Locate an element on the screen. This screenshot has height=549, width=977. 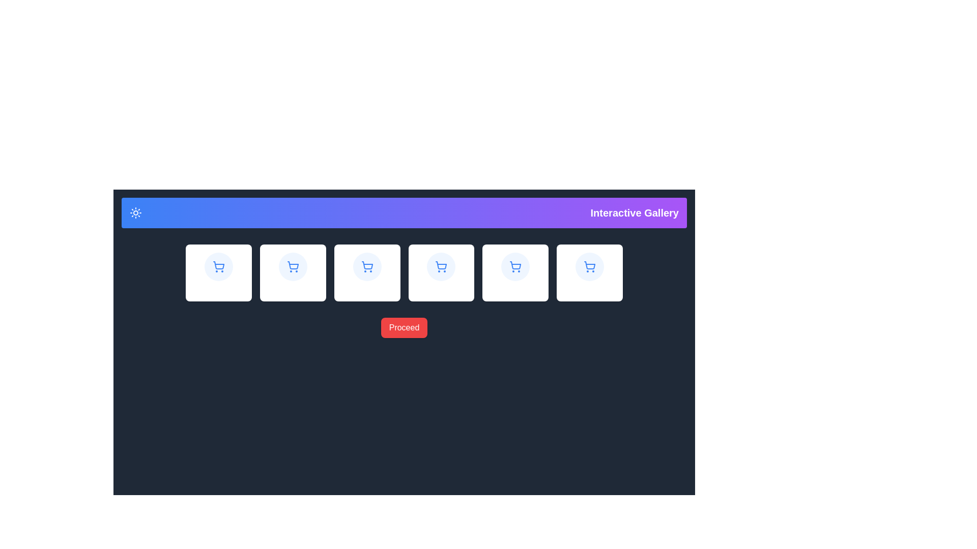
the circular sun icon button located on the leftmost part of the horizontal bar is located at coordinates (135, 212).